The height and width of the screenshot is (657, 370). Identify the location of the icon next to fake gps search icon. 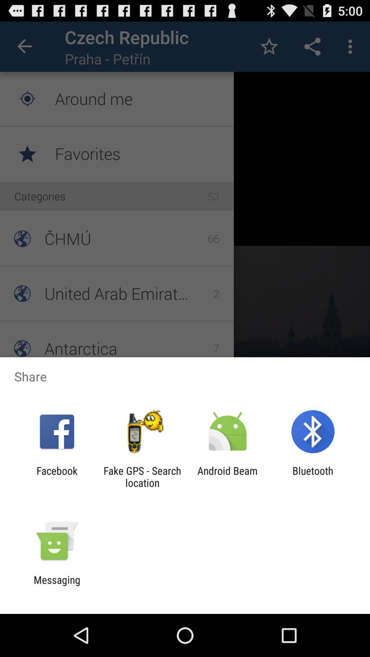
(227, 476).